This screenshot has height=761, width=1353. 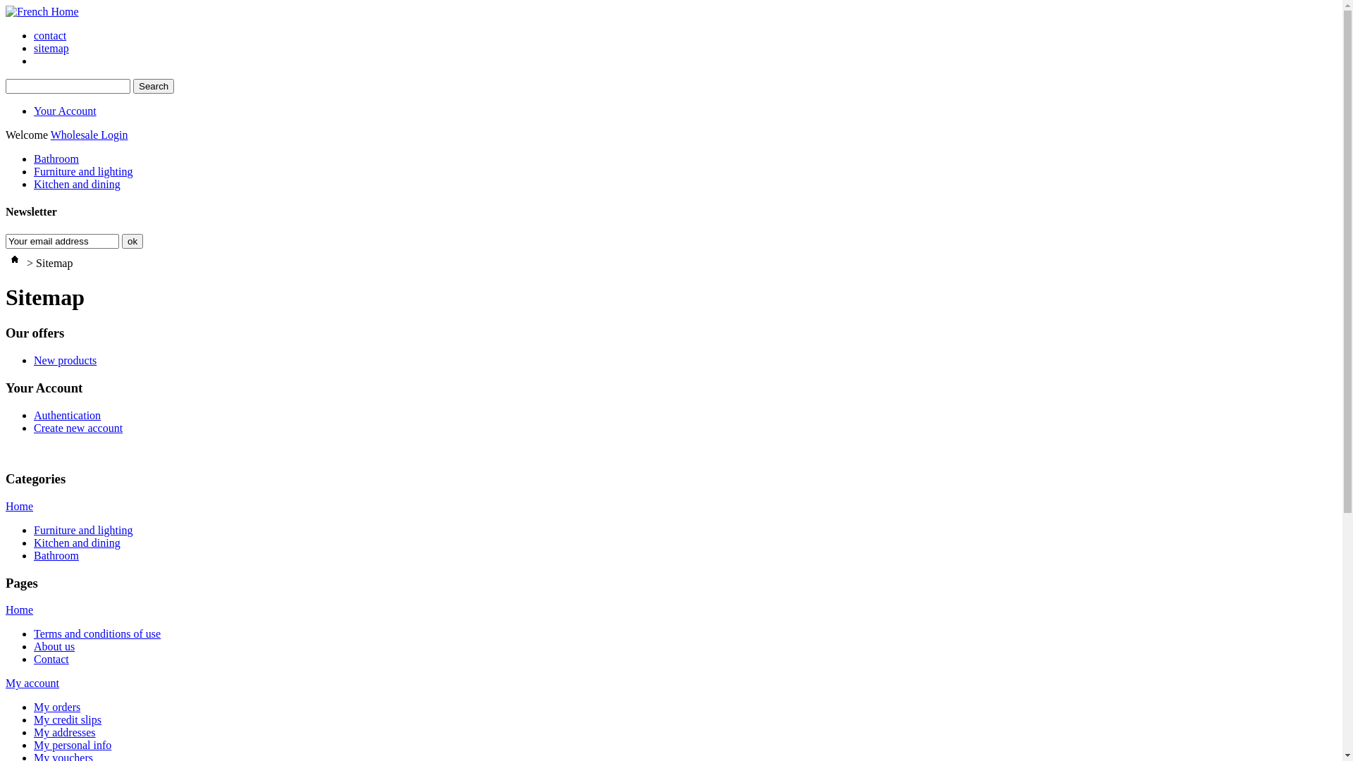 What do you see at coordinates (34, 633) in the screenshot?
I see `'Terms and conditions of use'` at bounding box center [34, 633].